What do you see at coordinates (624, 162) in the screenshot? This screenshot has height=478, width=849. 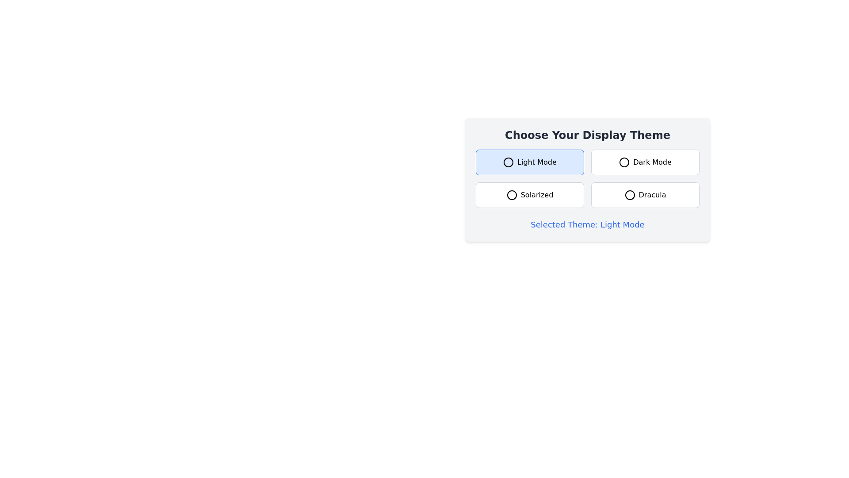 I see `the Selection Indicator (Radio Button)` at bounding box center [624, 162].